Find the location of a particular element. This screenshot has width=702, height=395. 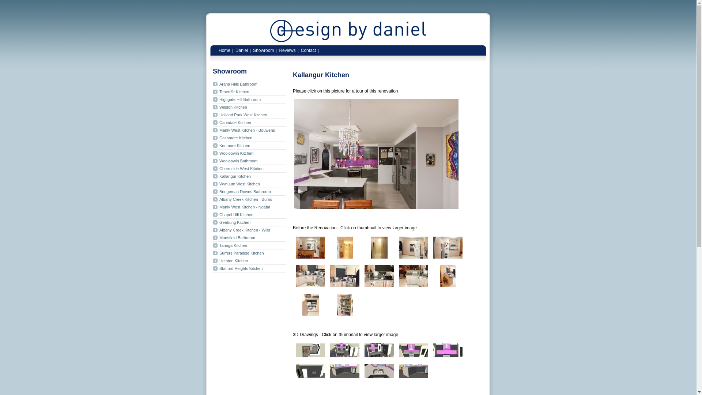

'Stafford Heights Kitchen' is located at coordinates (249, 268).